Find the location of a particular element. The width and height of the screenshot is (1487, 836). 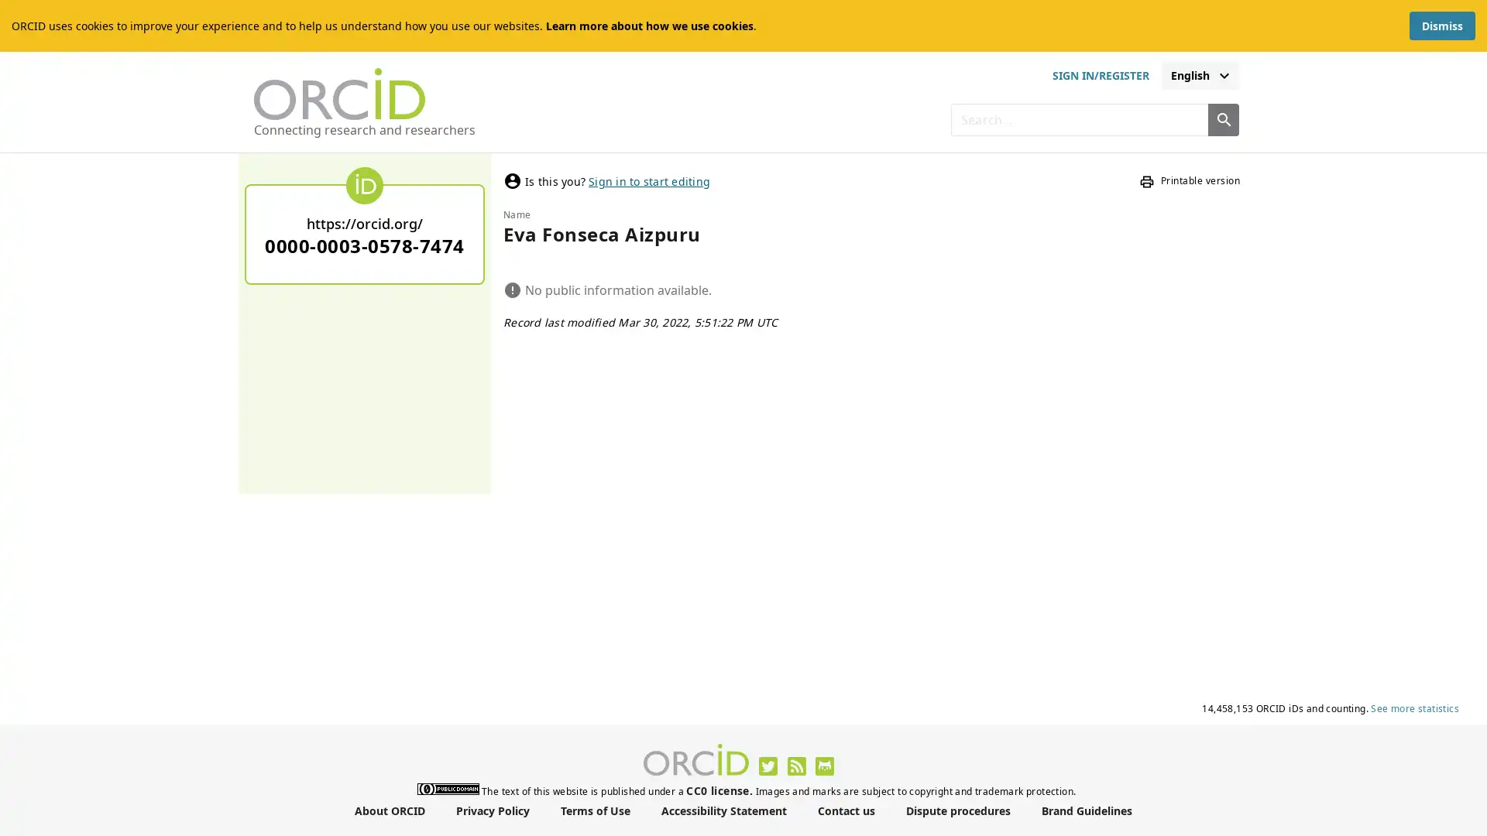

Printable version is located at coordinates (1189, 180).